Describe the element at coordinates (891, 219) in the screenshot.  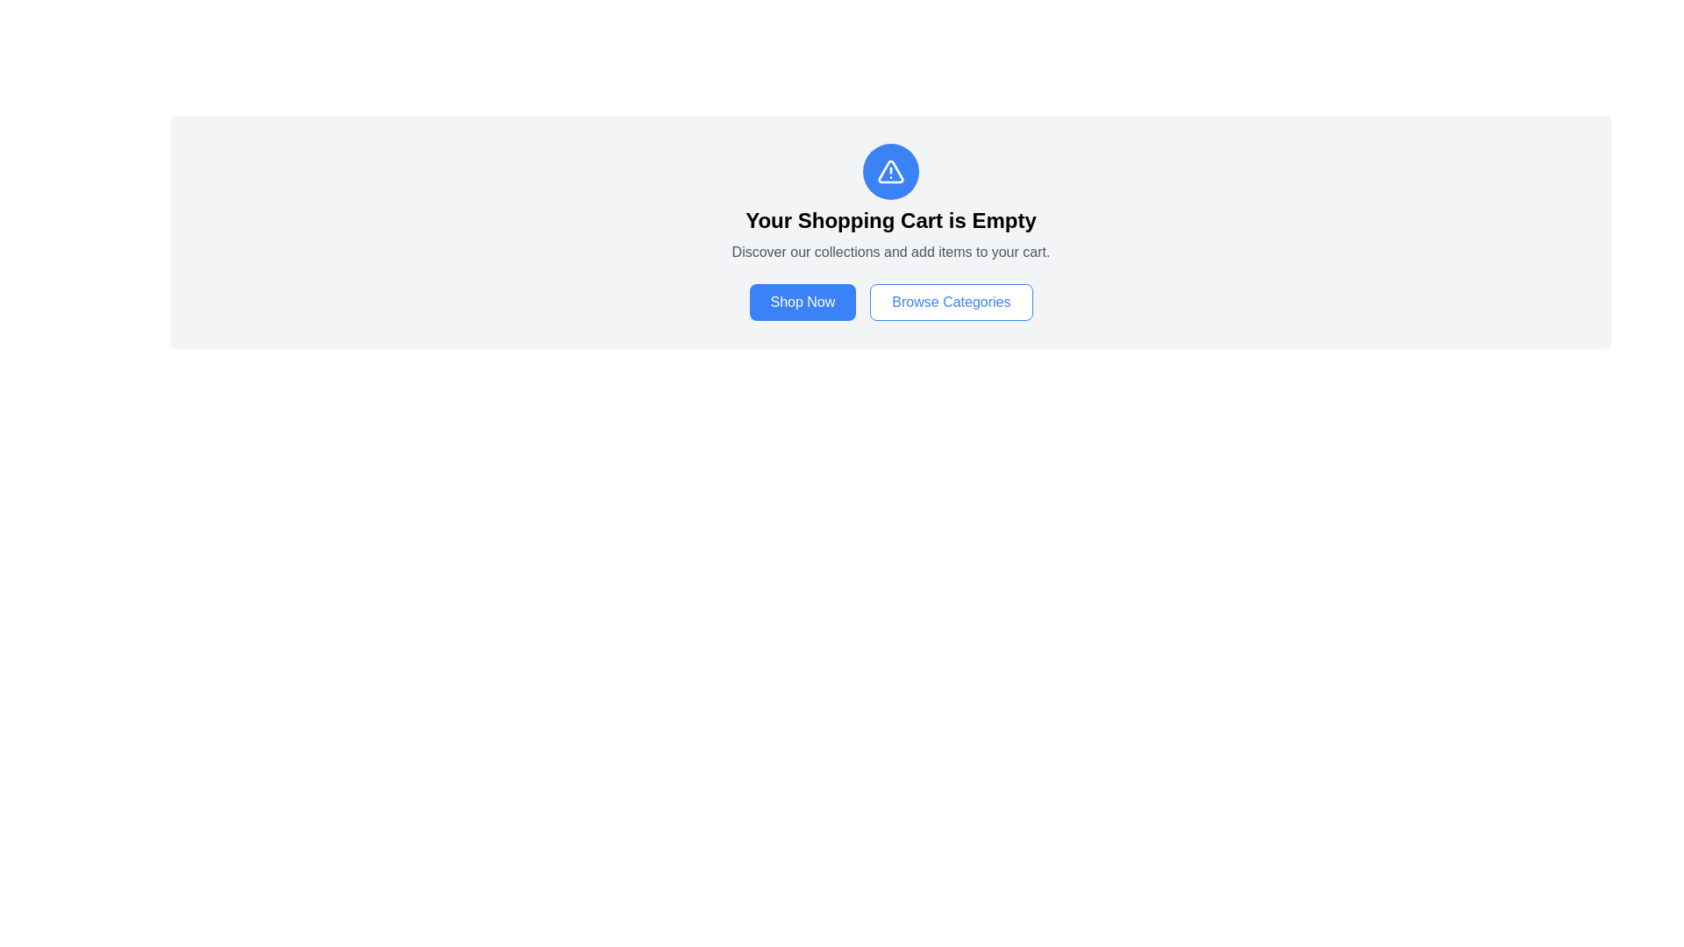
I see `the text element that reads 'Your Shopping Cart is Empty', which is centrally located below a warning icon and above description text and buttons` at that location.